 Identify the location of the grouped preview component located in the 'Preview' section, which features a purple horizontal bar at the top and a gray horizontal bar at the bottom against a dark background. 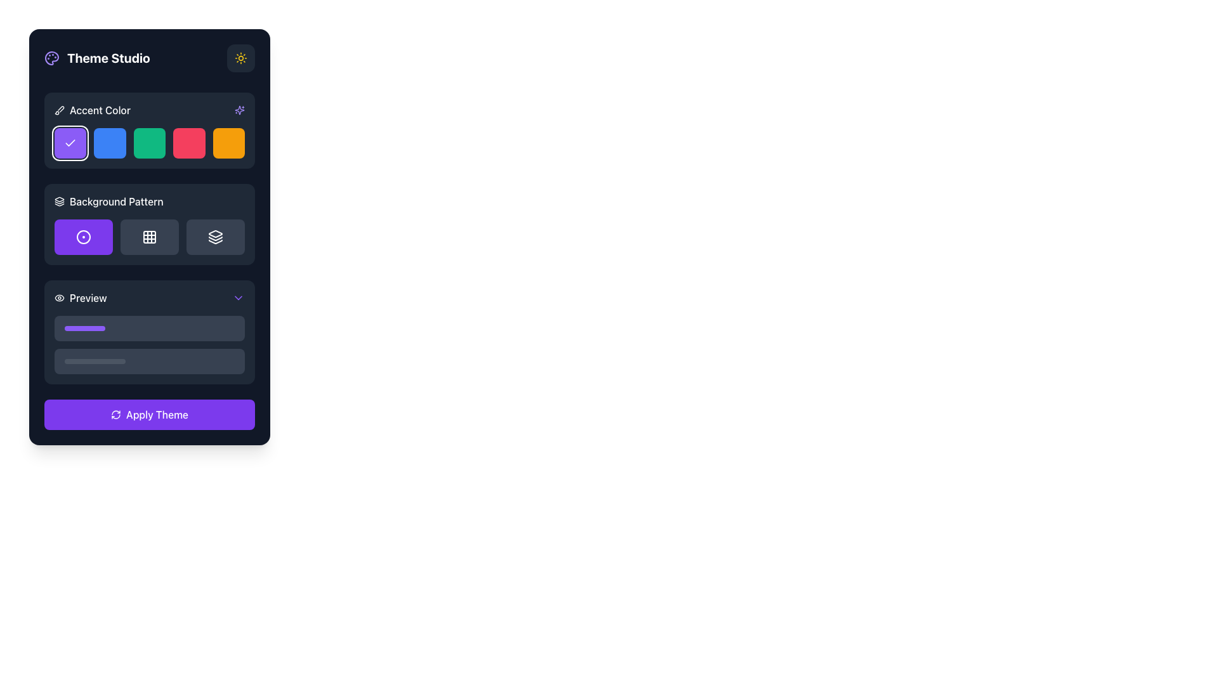
(149, 344).